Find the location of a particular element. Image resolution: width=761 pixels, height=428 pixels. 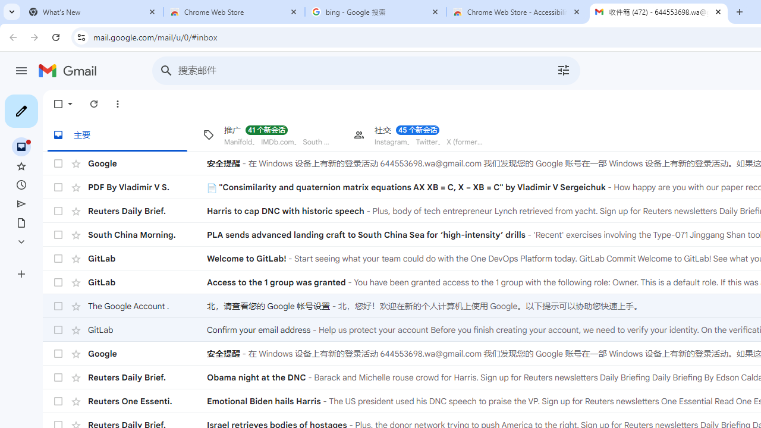

'Close' is located at coordinates (718, 11).